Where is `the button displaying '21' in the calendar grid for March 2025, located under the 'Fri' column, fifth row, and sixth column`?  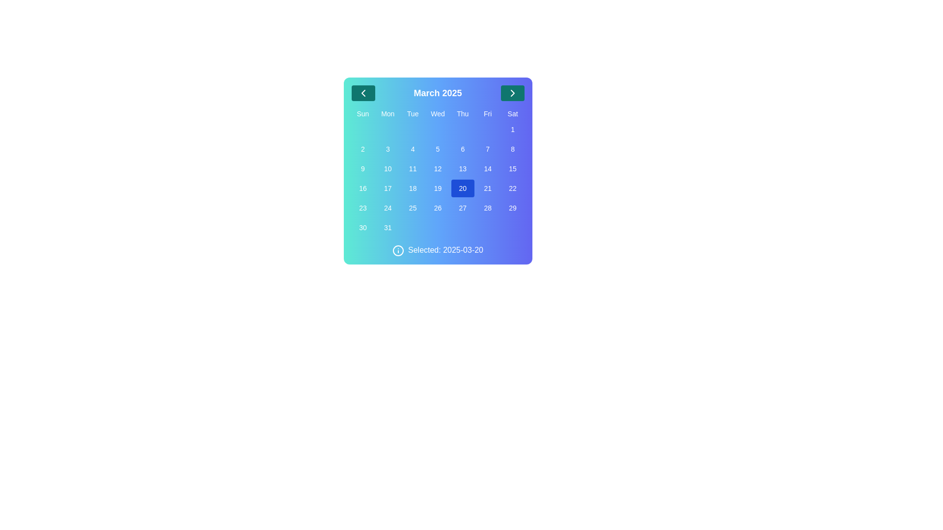
the button displaying '21' in the calendar grid for March 2025, located under the 'Fri' column, fifth row, and sixth column is located at coordinates (488, 188).